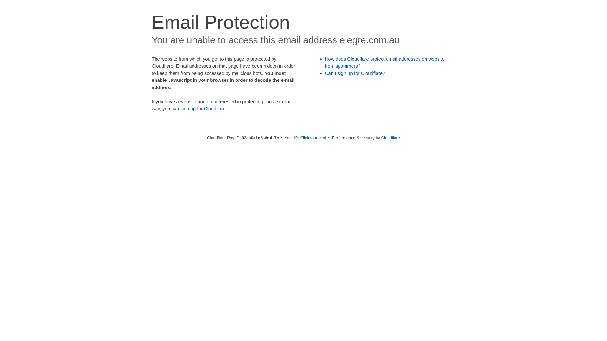  I want to click on 'Cloudflare', so click(381, 137).